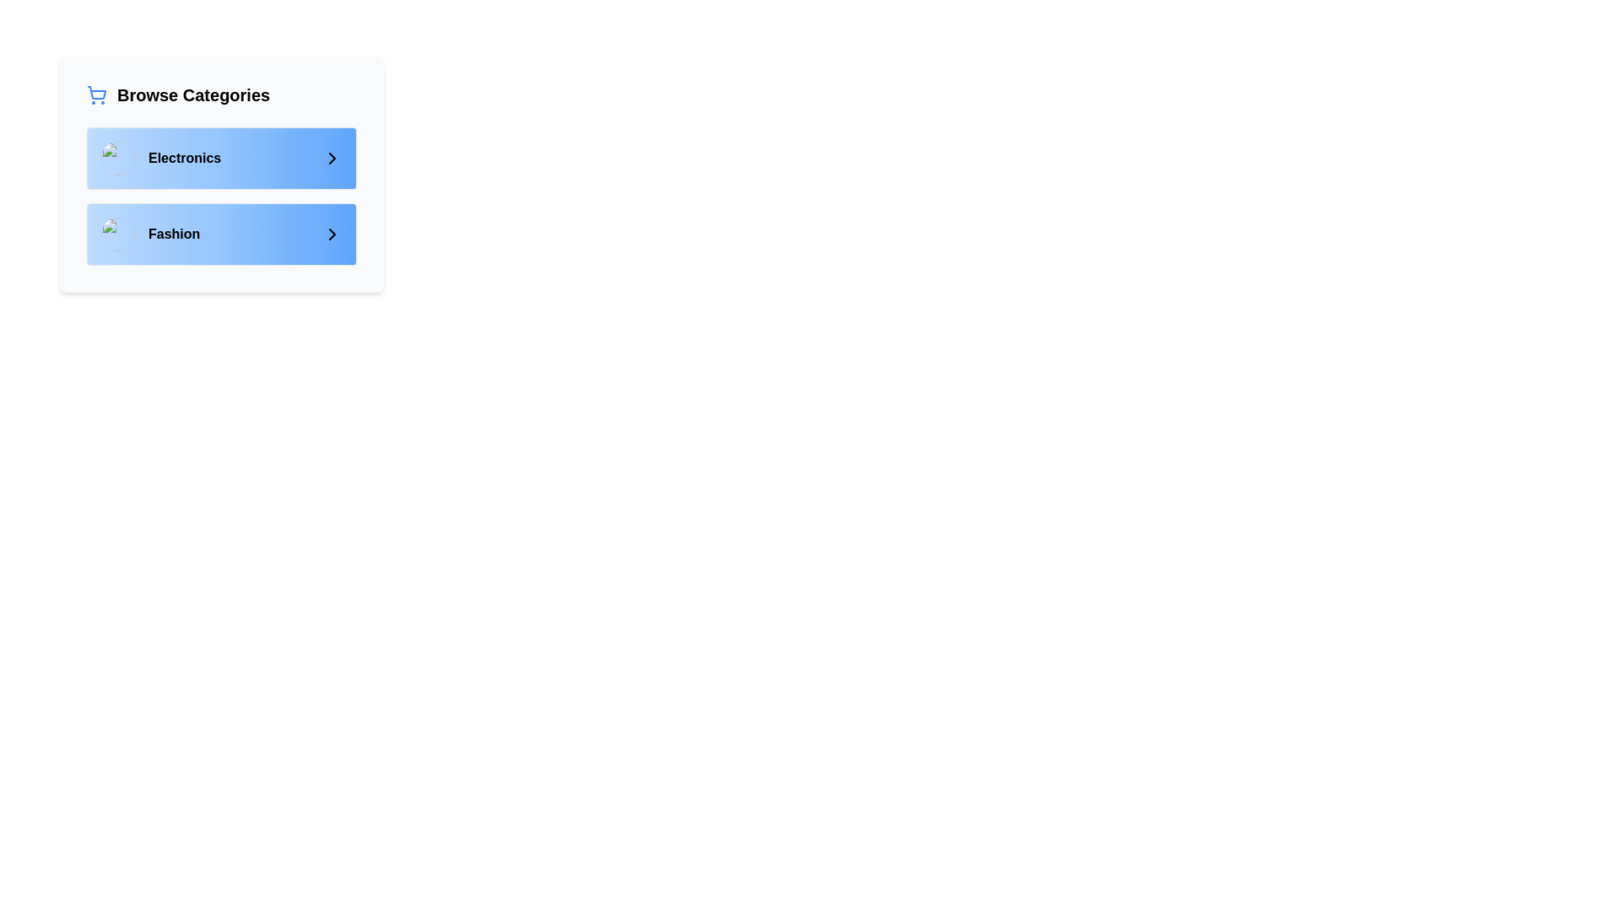 Image resolution: width=1620 pixels, height=911 pixels. I want to click on the 'Electronics' list item text, which is bold and part of a list with a light blue background, so click(161, 159).